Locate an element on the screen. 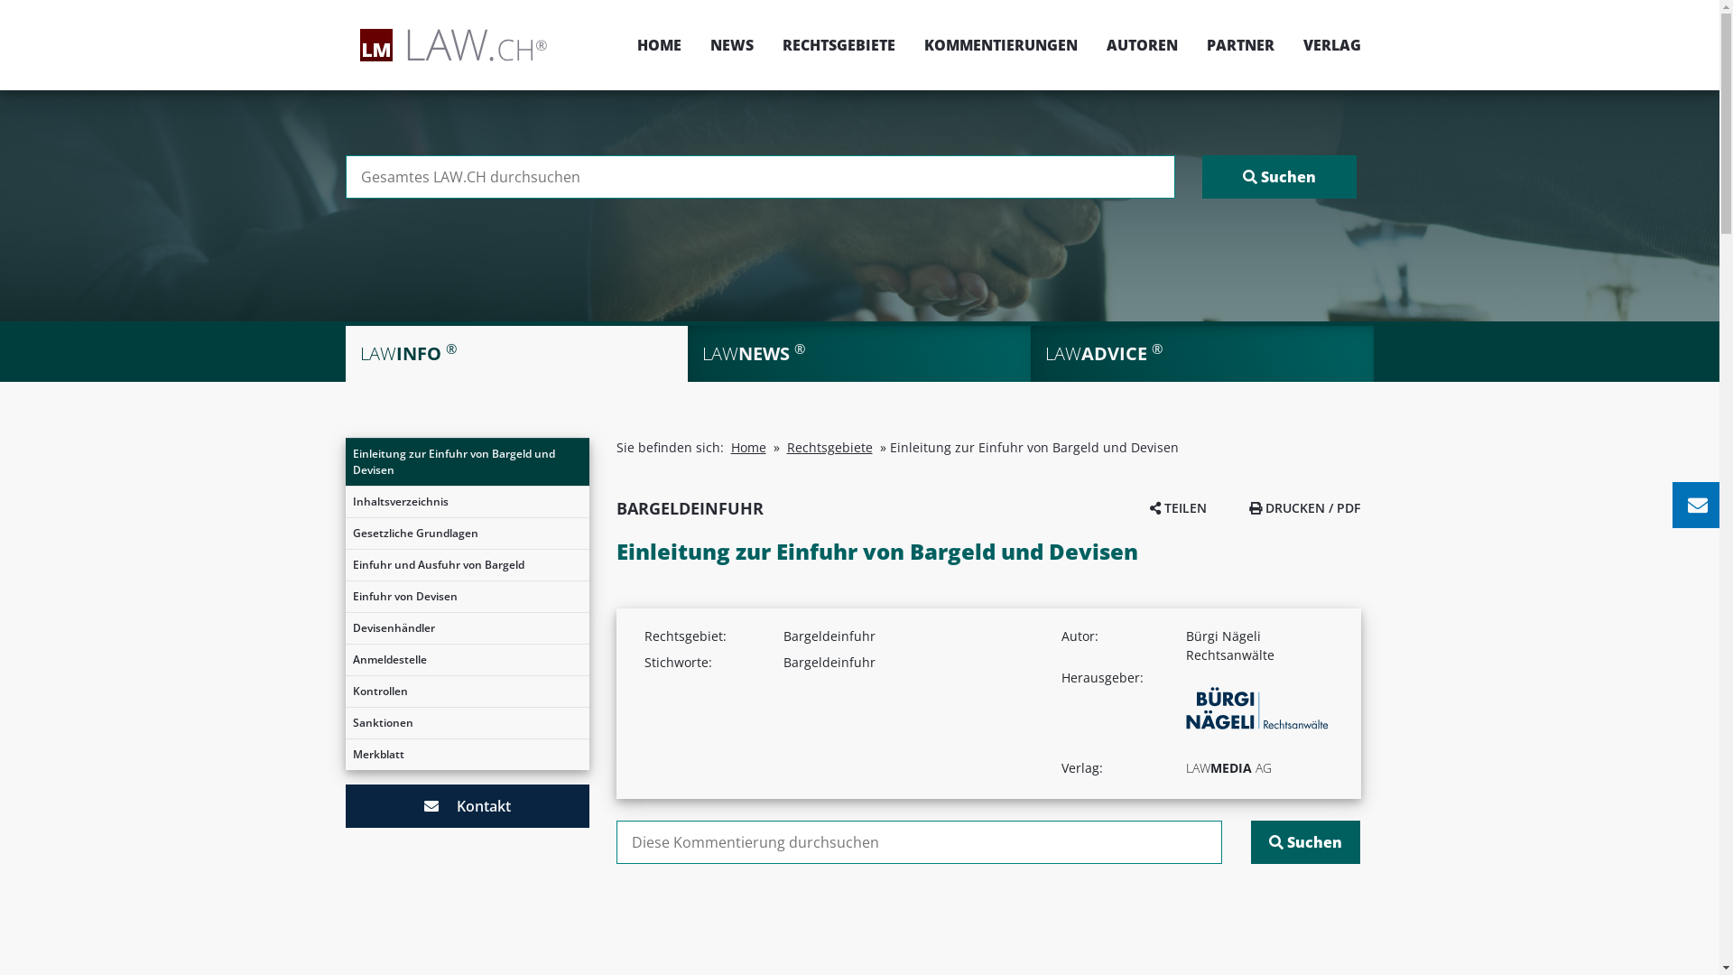 The height and width of the screenshot is (975, 1733). 'Rechtsgebiete' is located at coordinates (829, 447).